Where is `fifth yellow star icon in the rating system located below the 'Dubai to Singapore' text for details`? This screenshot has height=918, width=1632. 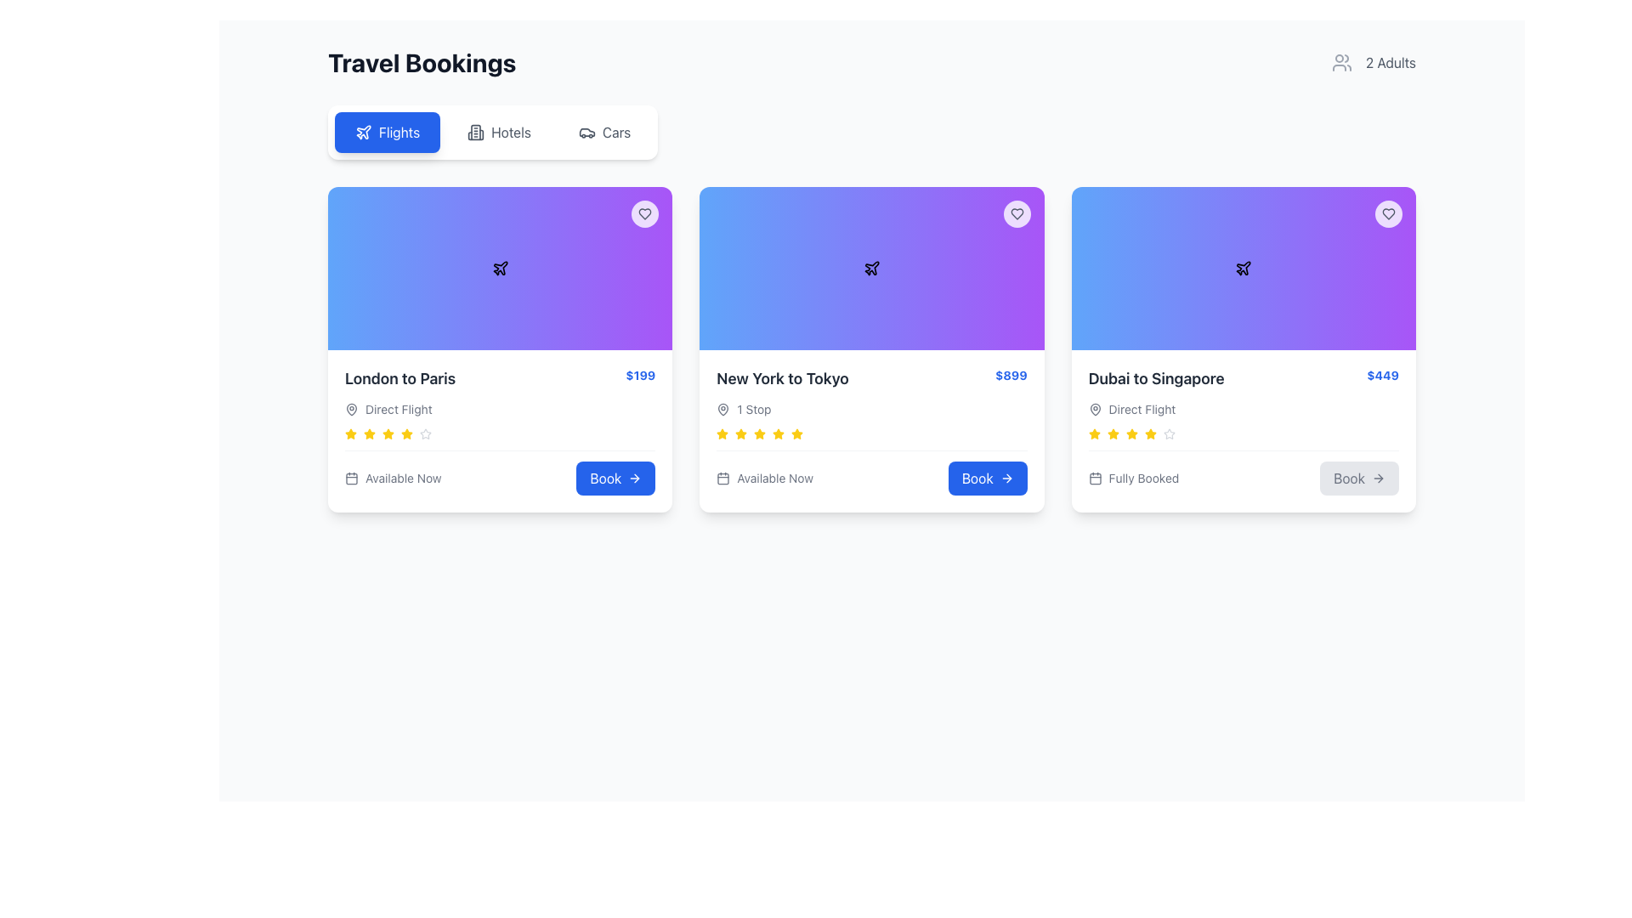 fifth yellow star icon in the rating system located below the 'Dubai to Singapore' text for details is located at coordinates (1131, 433).